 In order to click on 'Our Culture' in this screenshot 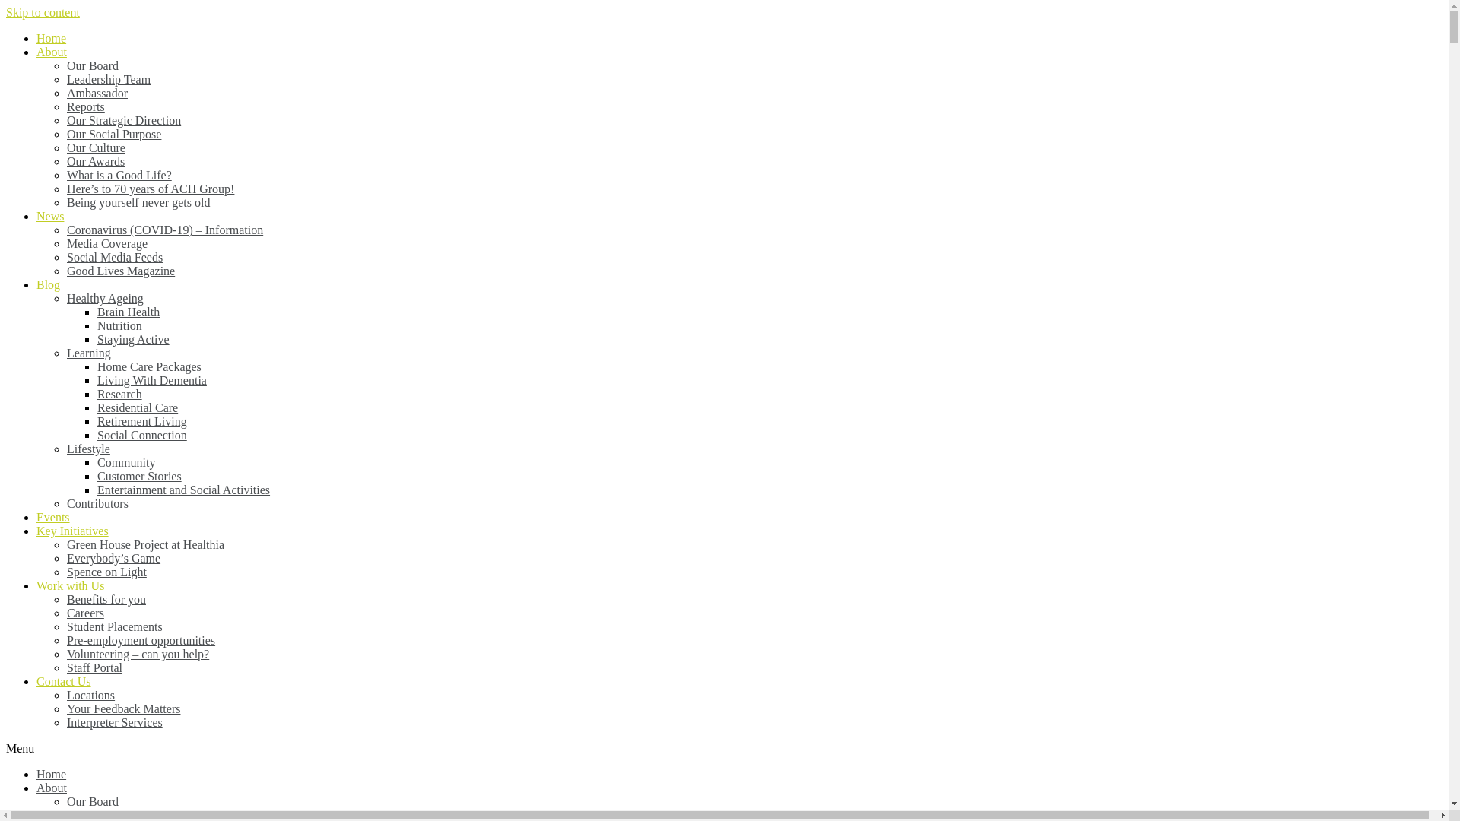, I will do `click(65, 147)`.